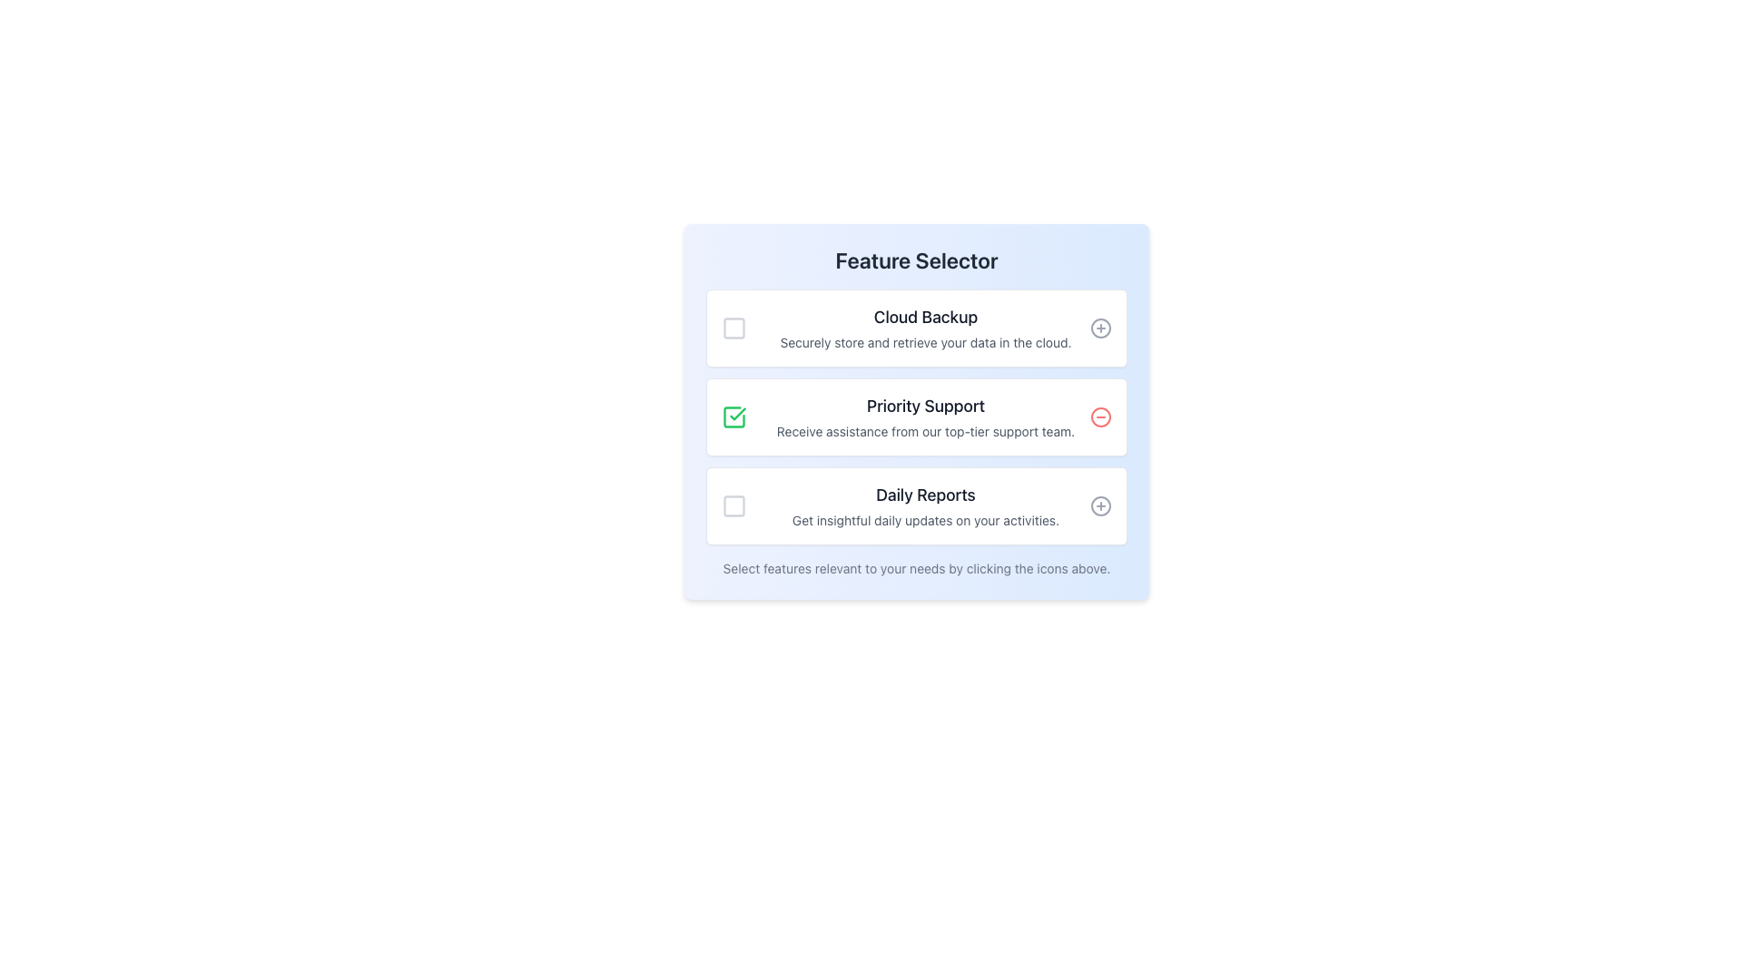  Describe the element at coordinates (925, 495) in the screenshot. I see `the static text label displaying 'Daily Reports' located in the third row of the 'Feature Selector' options list, positioned to the right of a checkbox` at that location.